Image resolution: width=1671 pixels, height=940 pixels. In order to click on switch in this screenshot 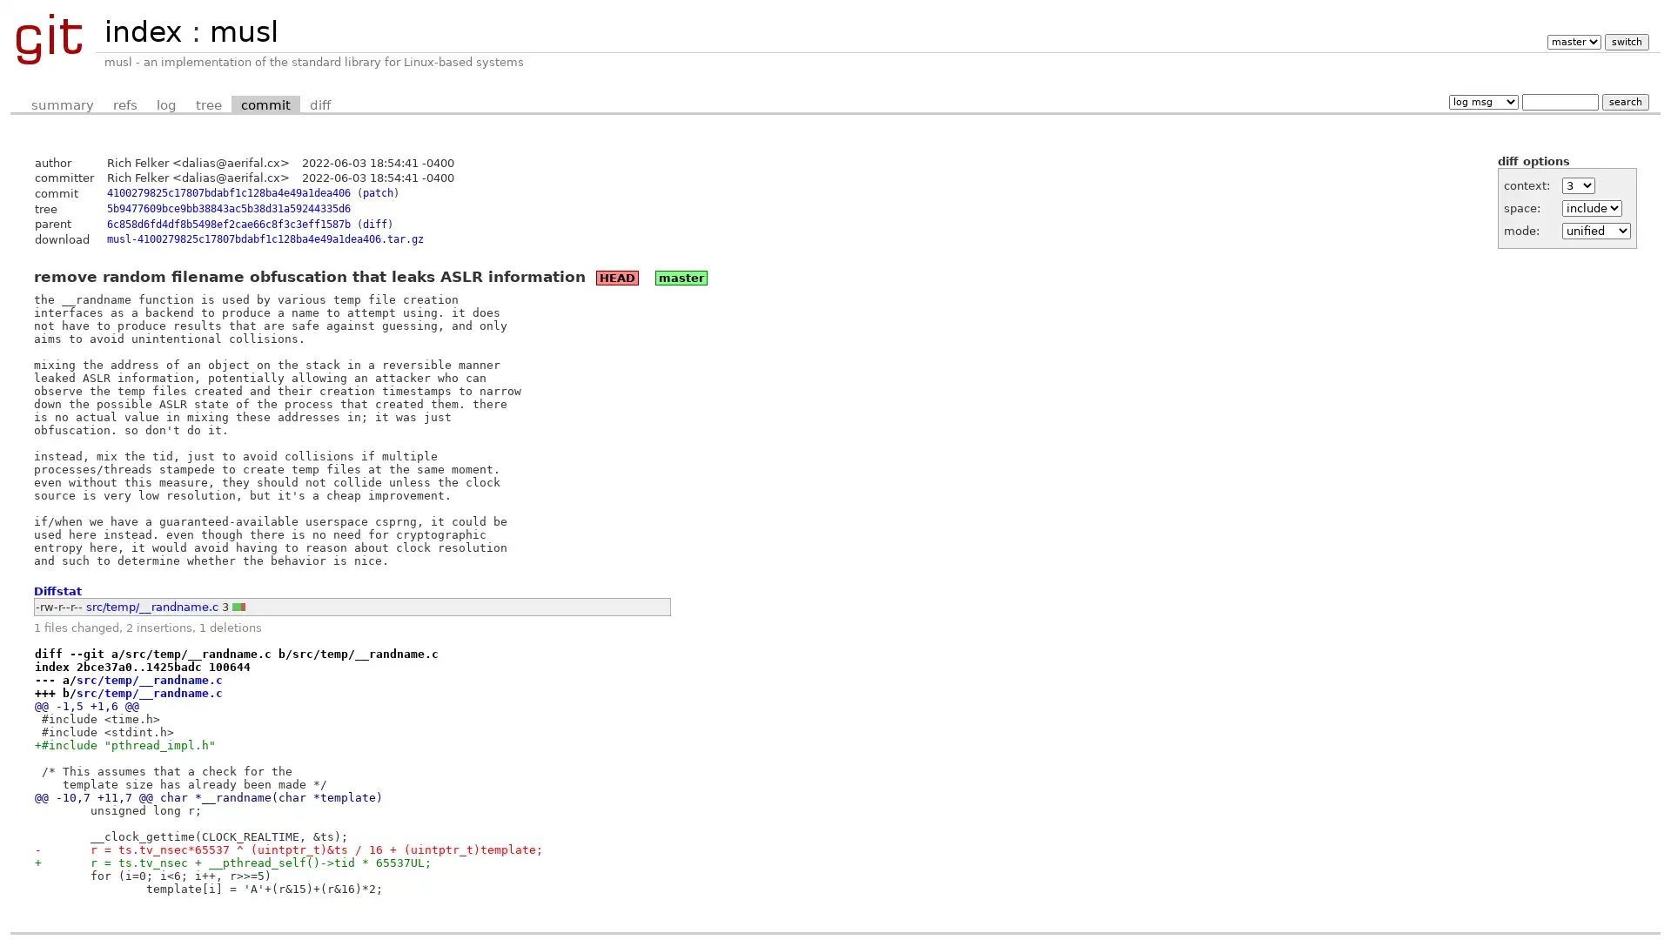, I will do `click(1625, 41)`.